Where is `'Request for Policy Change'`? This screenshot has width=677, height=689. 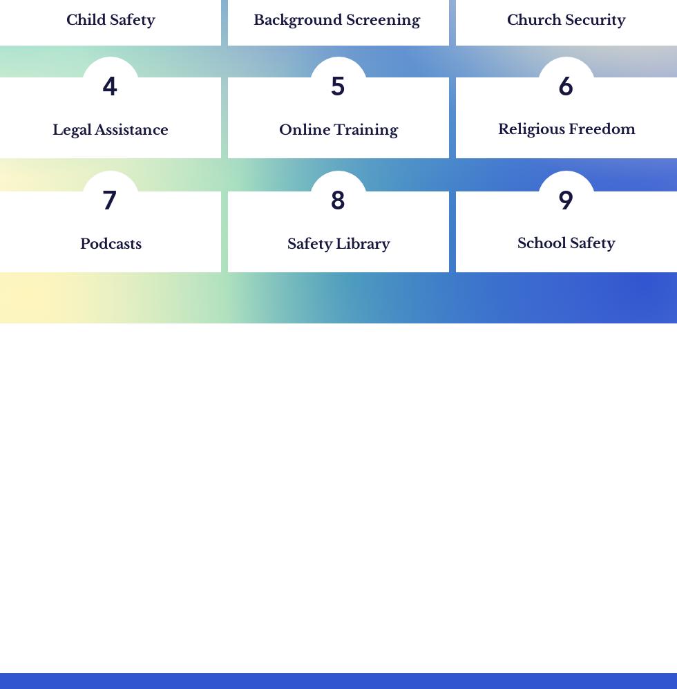 'Request for Policy Change' is located at coordinates (564, 592).